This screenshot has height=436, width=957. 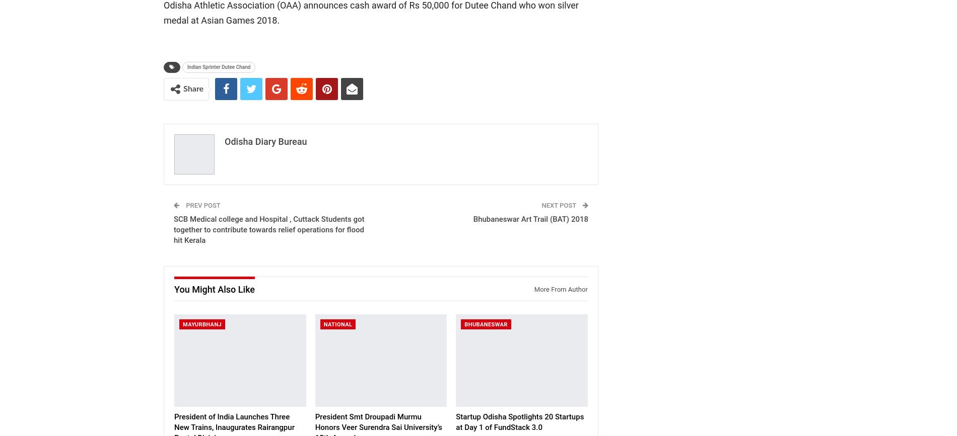 I want to click on 'National', so click(x=337, y=324).